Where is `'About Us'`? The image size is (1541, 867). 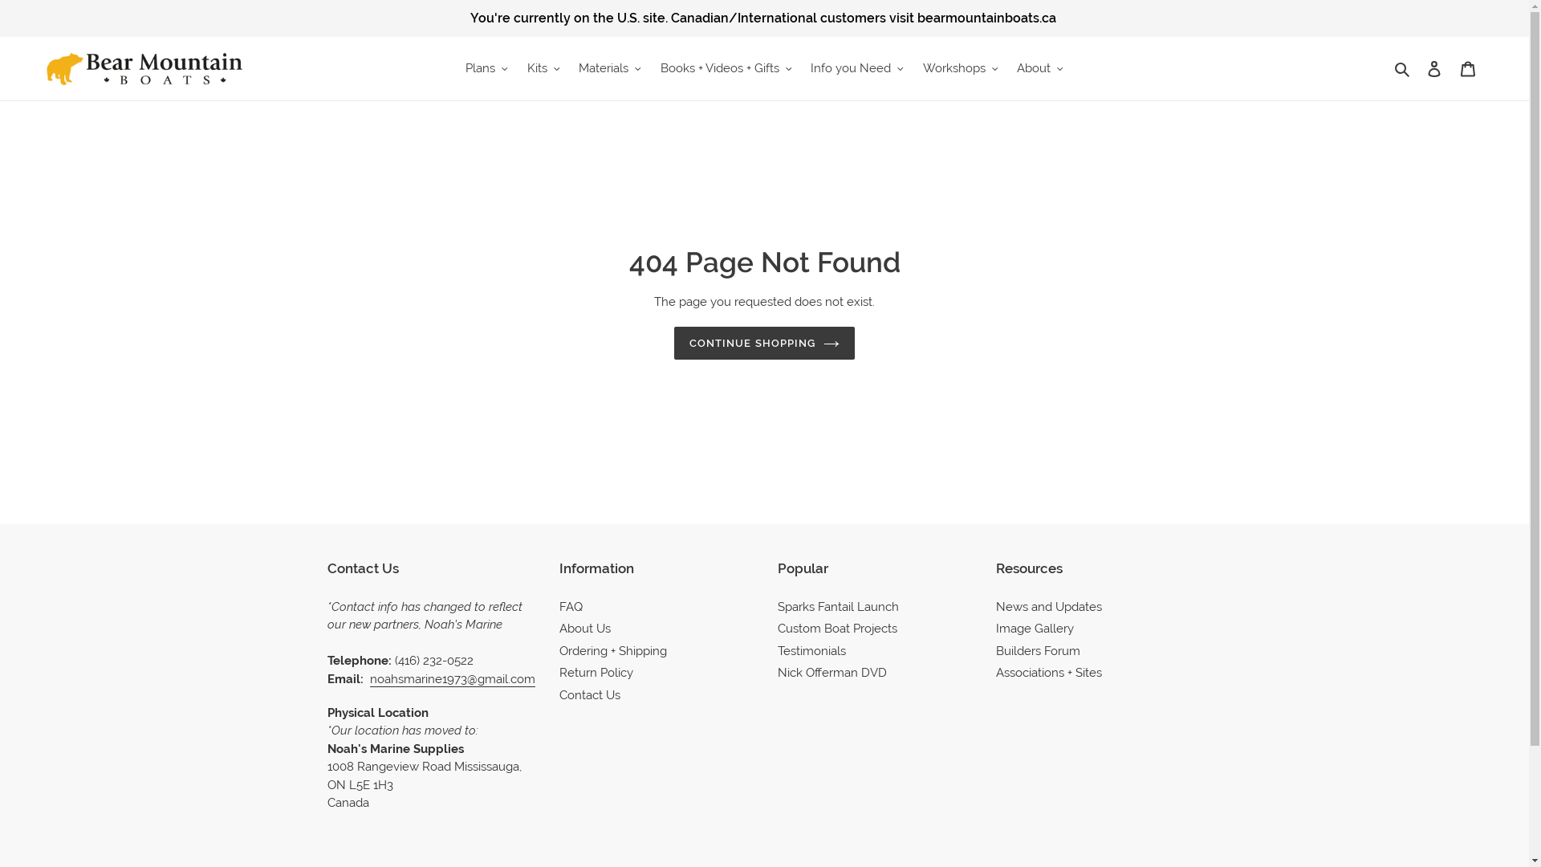
'About Us' is located at coordinates (583, 628).